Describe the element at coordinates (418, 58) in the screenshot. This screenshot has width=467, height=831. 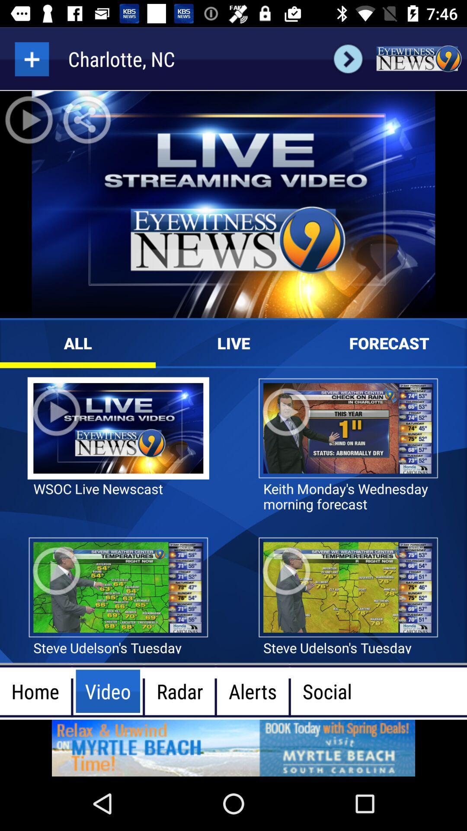
I see `latest headlines` at that location.